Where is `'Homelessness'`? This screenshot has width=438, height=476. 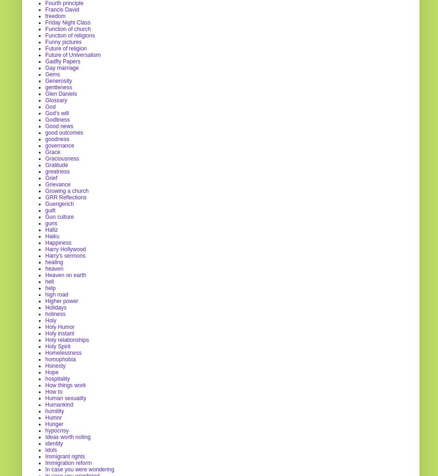
'Homelessness' is located at coordinates (62, 352).